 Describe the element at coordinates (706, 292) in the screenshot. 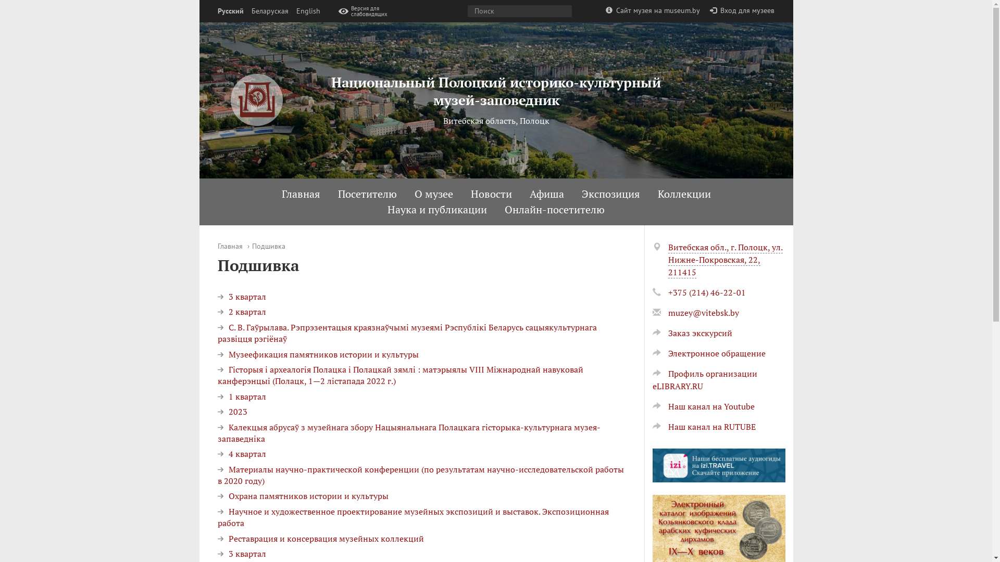

I see `'+375 (214) 46-22-01'` at that location.